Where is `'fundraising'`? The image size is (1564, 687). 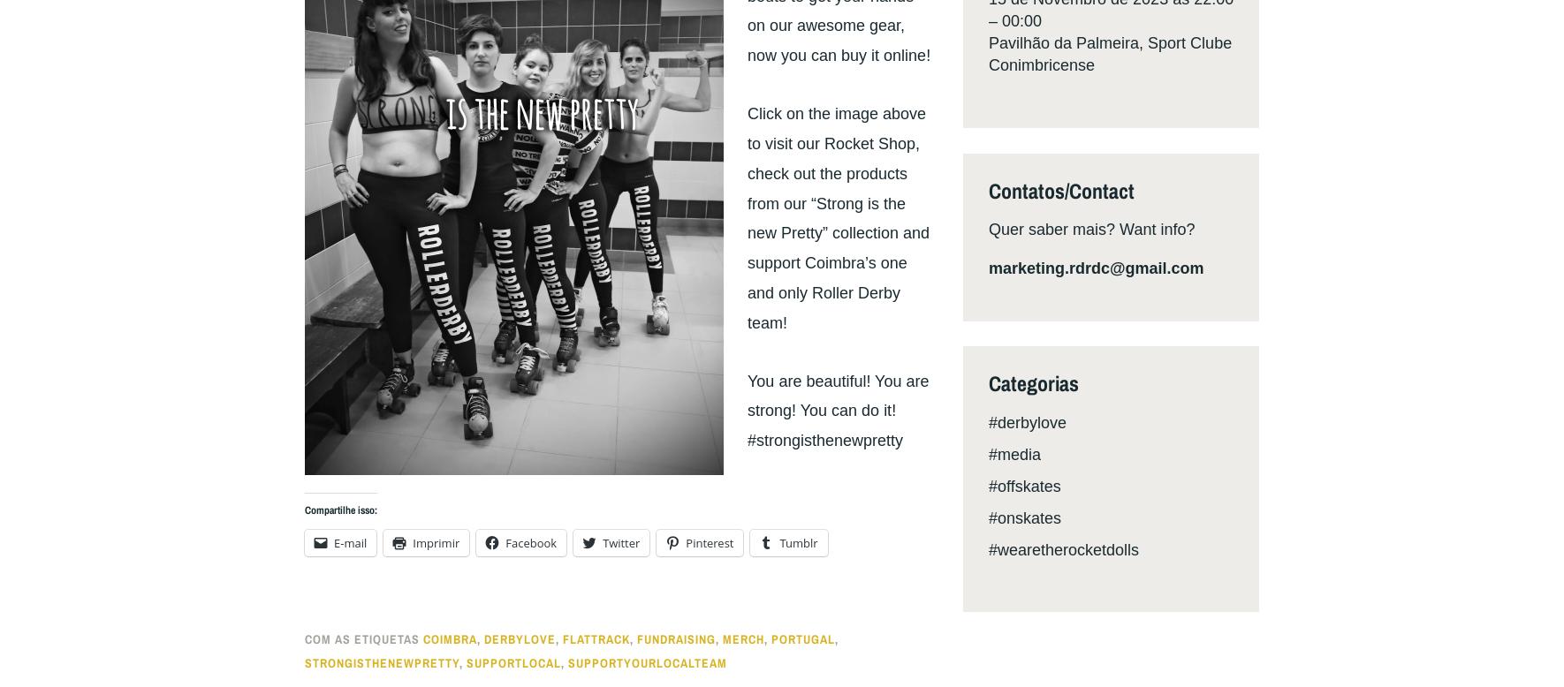
'fundraising' is located at coordinates (635, 638).